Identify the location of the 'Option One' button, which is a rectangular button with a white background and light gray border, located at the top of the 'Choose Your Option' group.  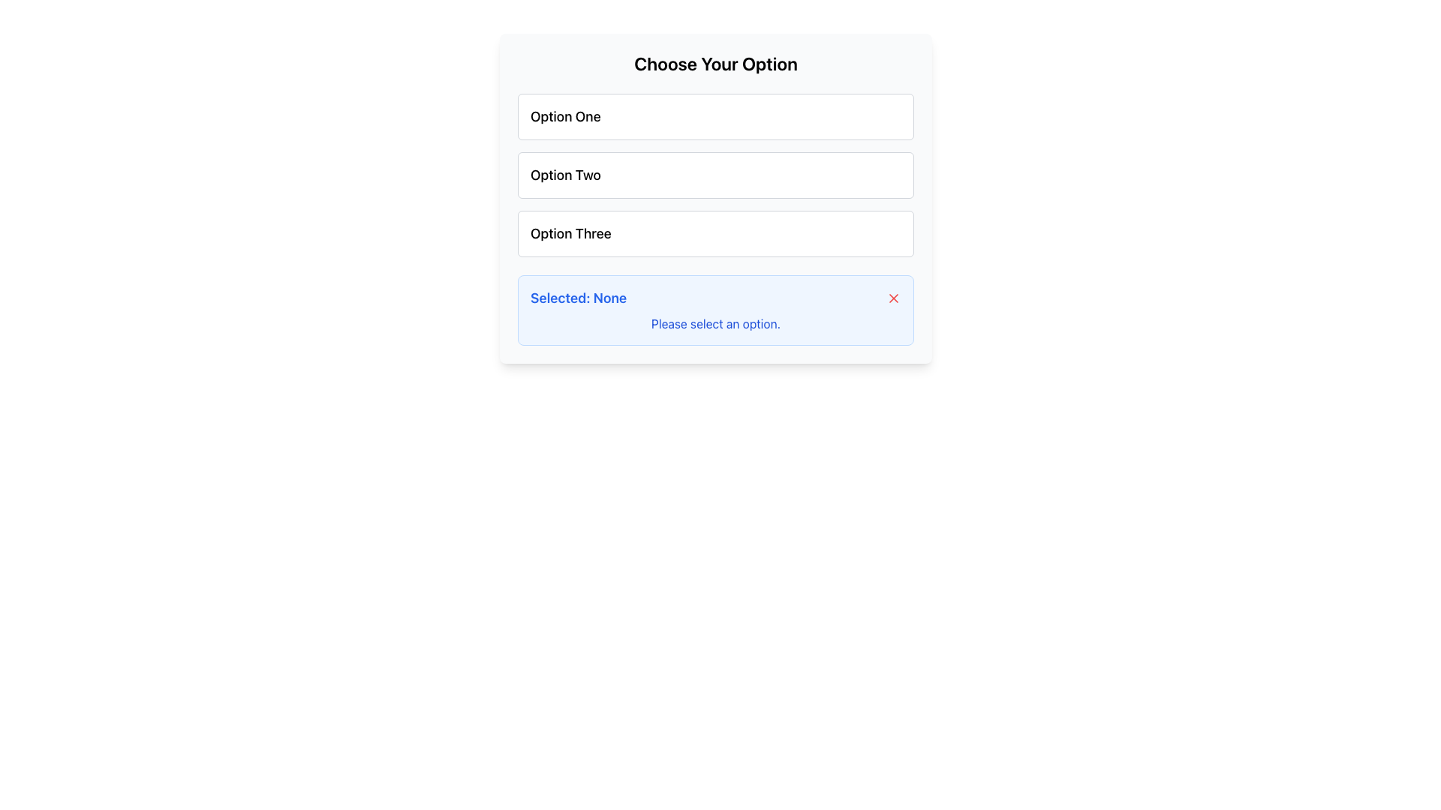
(715, 115).